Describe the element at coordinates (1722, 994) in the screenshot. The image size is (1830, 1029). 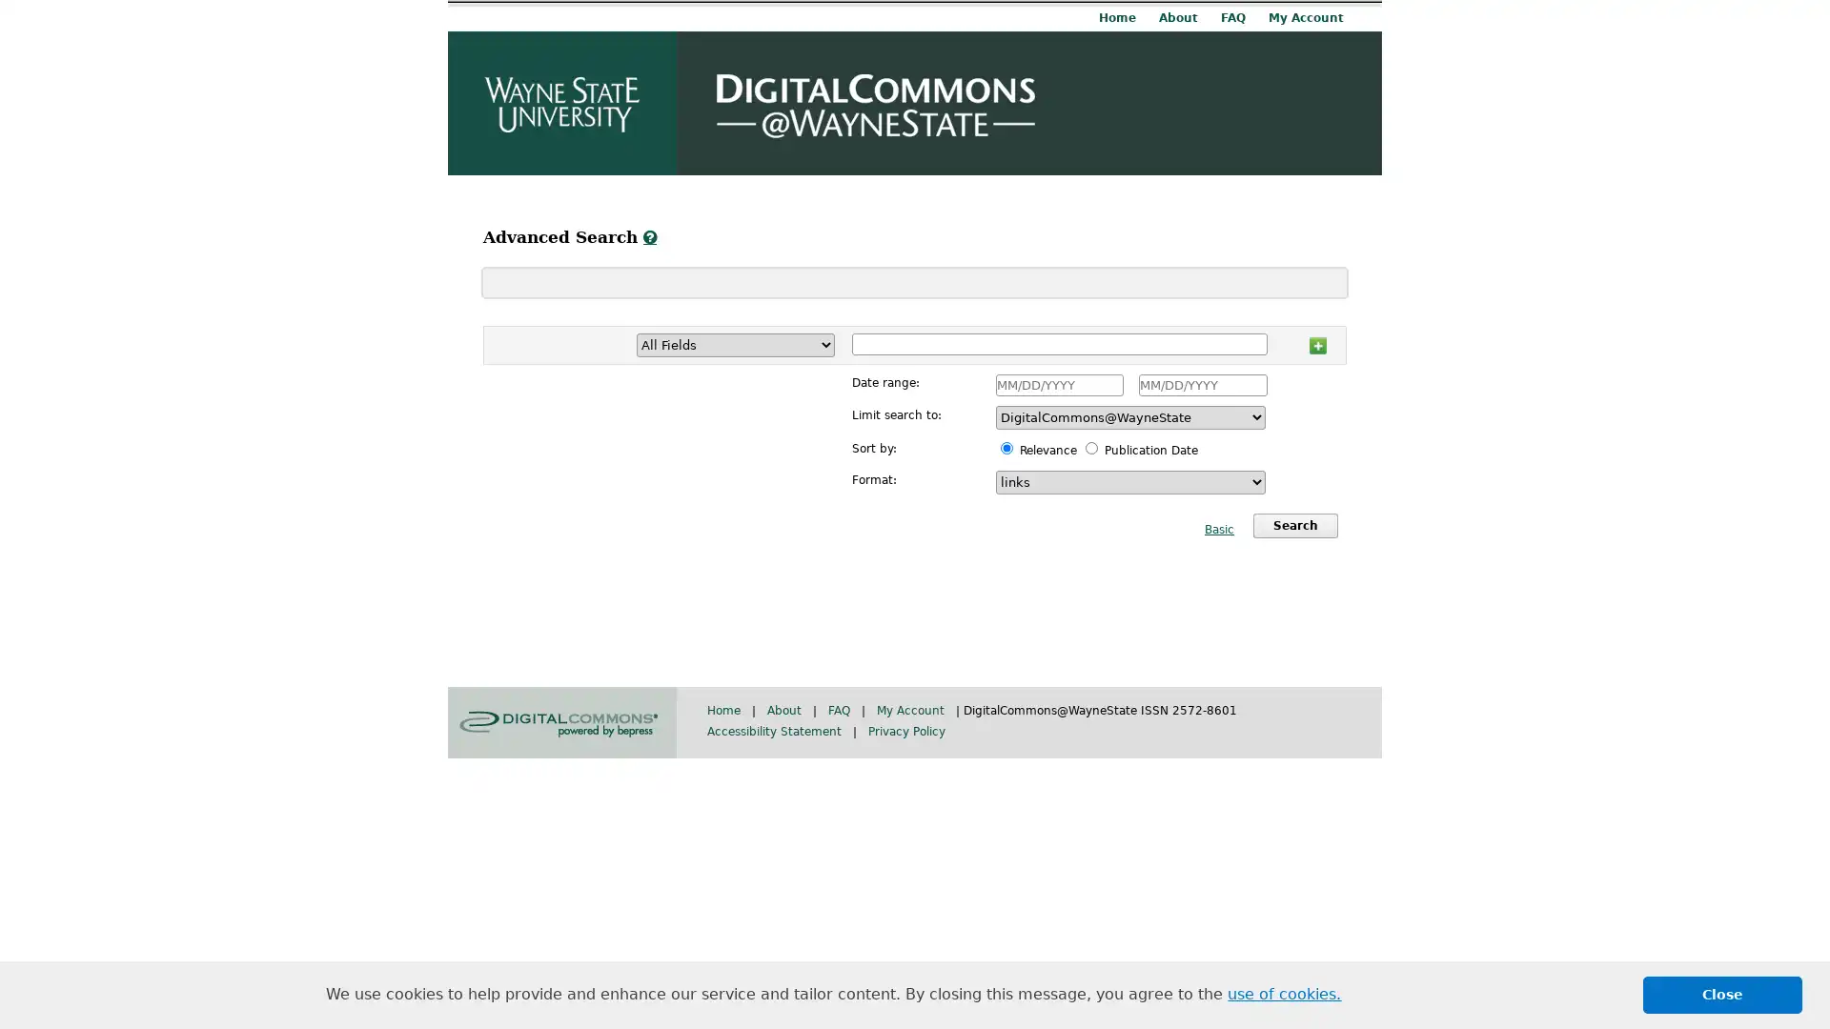
I see `dismiss cookie message` at that location.